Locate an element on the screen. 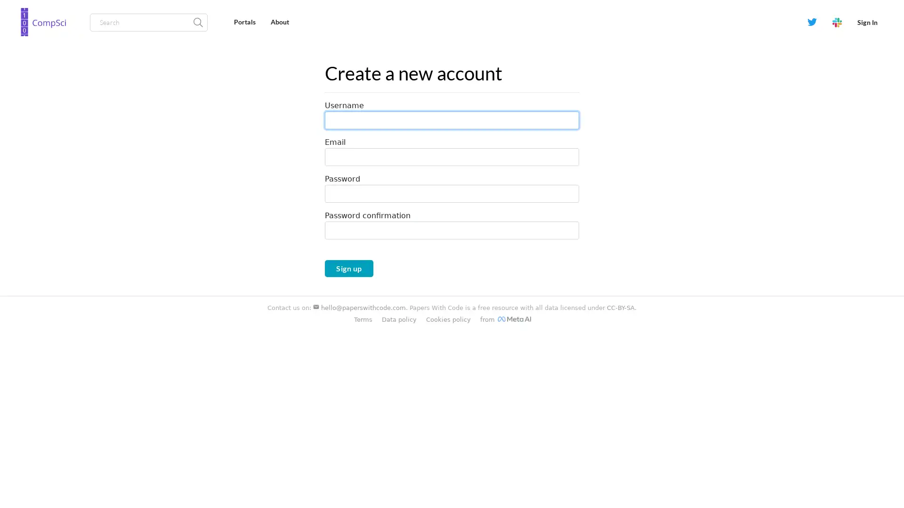 The width and height of the screenshot is (904, 508). Sign up is located at coordinates (348, 268).